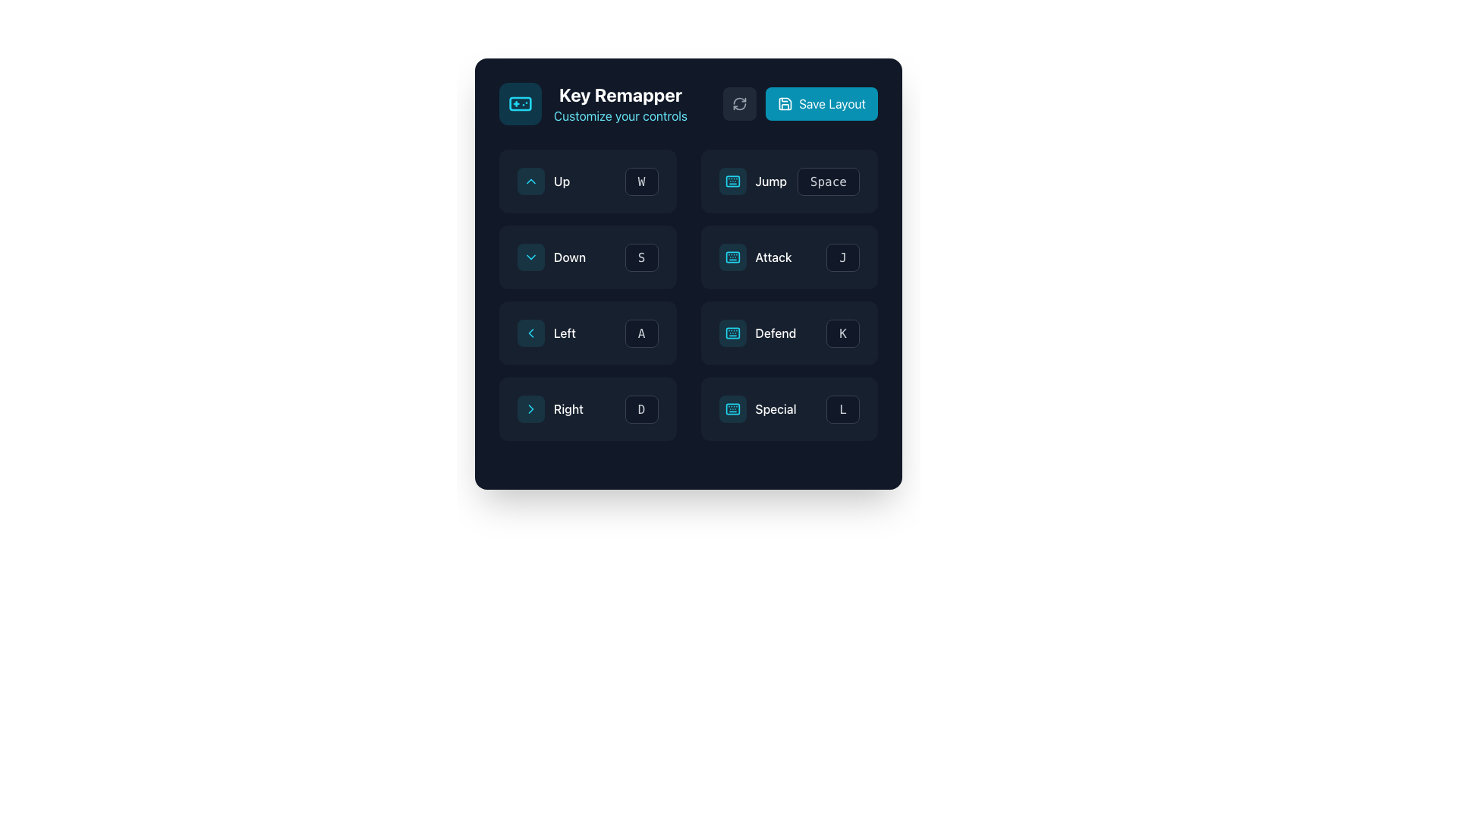  Describe the element at coordinates (551, 257) in the screenshot. I see `the composite button labeled 'Down' with a cyan downward arrow icon` at that location.